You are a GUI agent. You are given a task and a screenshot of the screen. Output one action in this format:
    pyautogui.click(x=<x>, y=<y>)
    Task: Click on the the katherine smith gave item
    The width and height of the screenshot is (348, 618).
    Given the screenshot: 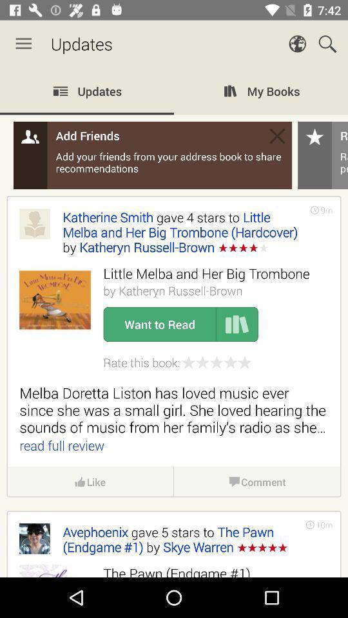 What is the action you would take?
    pyautogui.click(x=179, y=232)
    